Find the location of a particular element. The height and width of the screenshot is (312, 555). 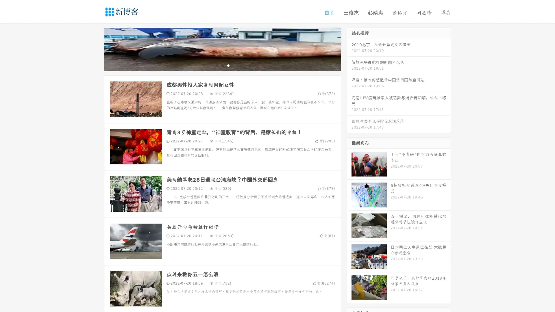

Go to slide 1 is located at coordinates (216, 65).